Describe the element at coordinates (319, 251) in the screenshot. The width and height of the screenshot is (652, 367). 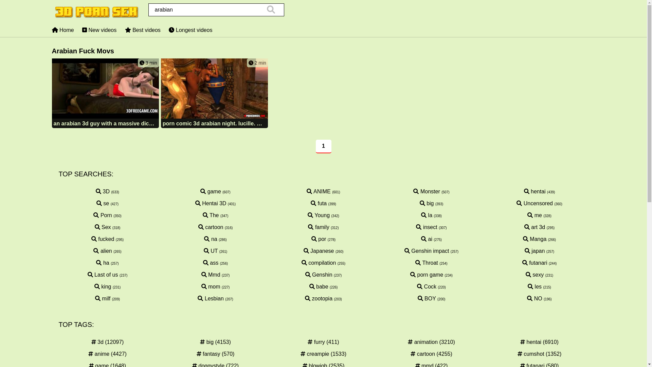
I see `'Japanese'` at that location.